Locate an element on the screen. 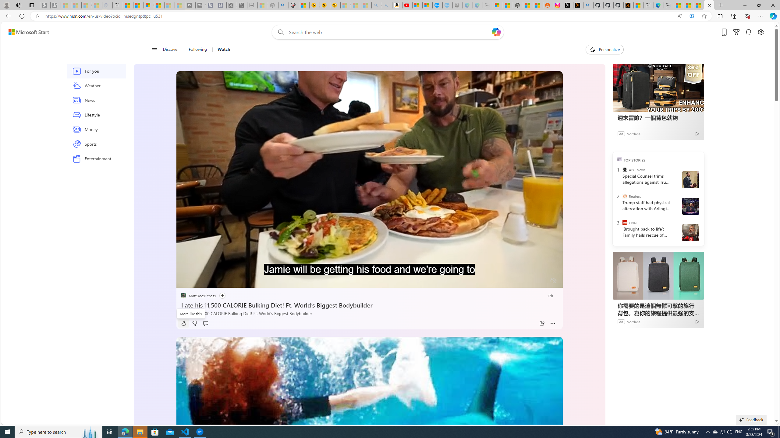  'poe - Search' is located at coordinates (283, 5).